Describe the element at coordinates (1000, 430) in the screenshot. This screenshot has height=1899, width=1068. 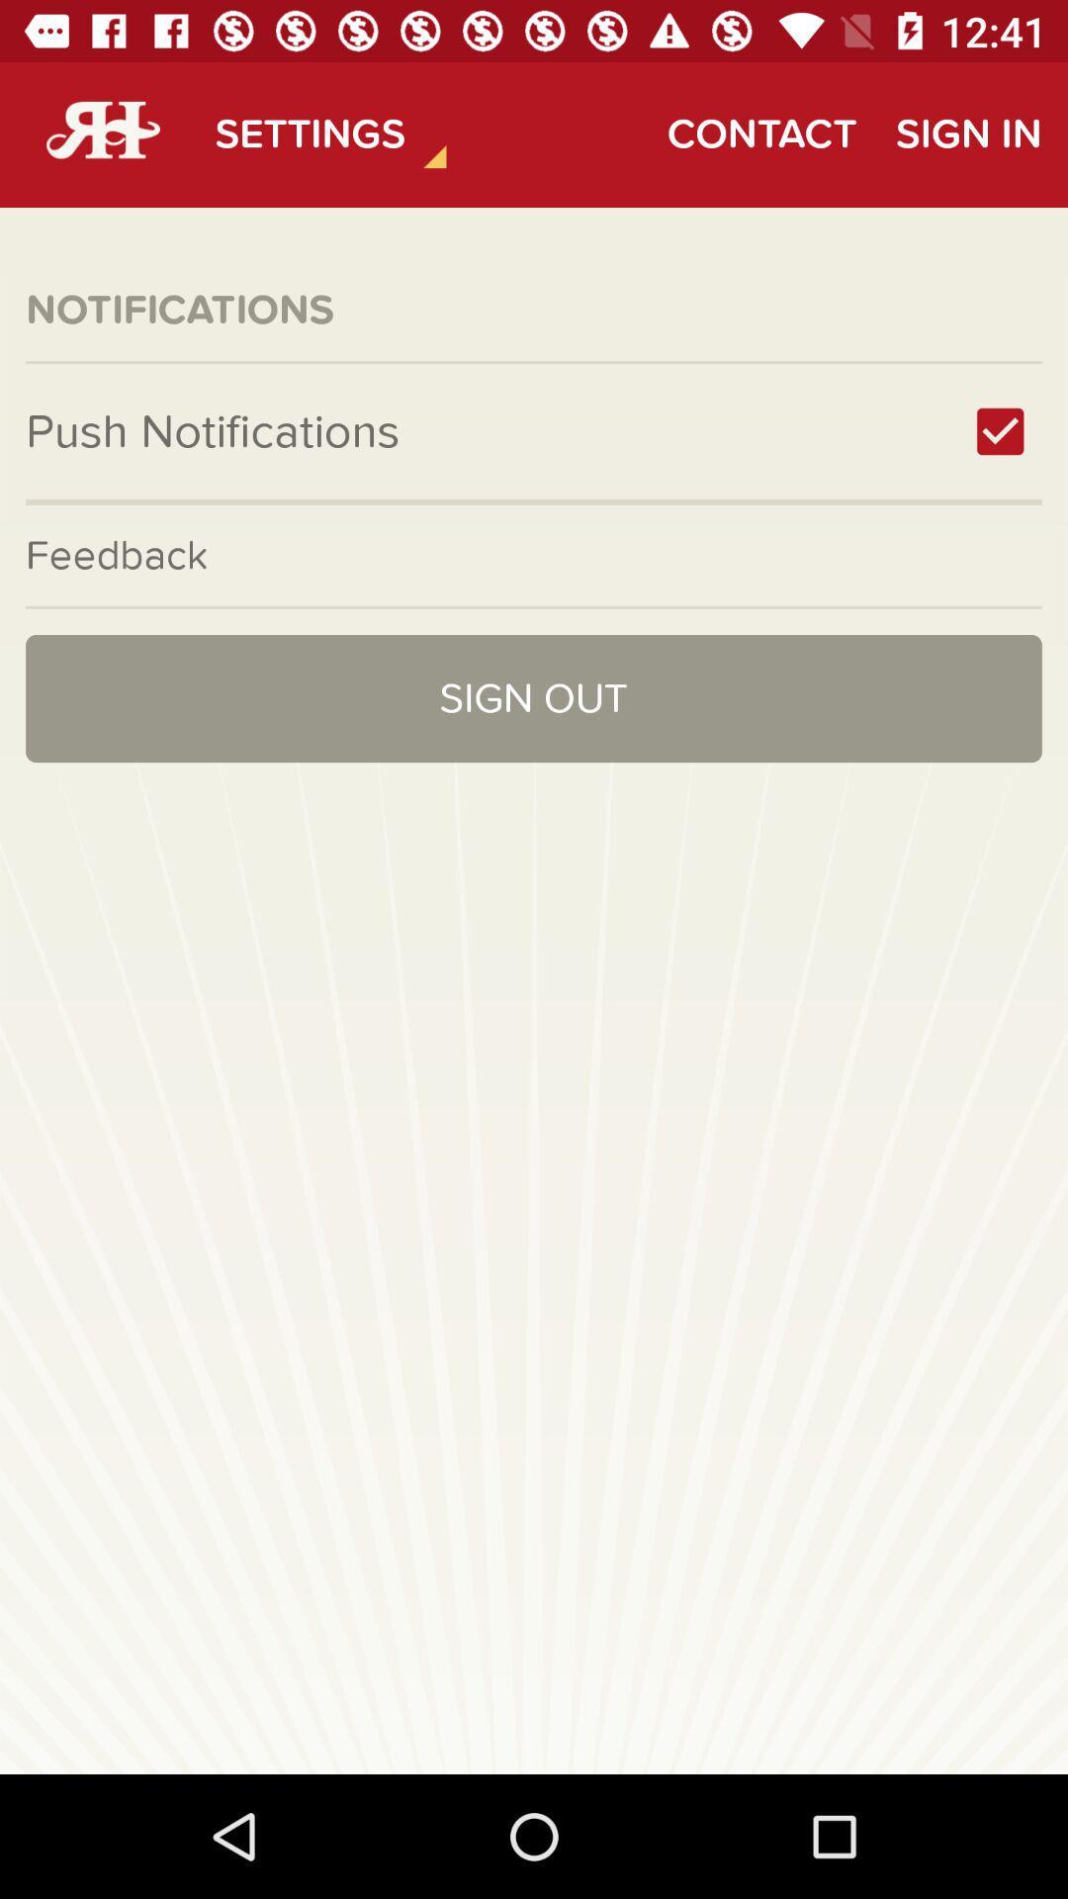
I see `push notification` at that location.